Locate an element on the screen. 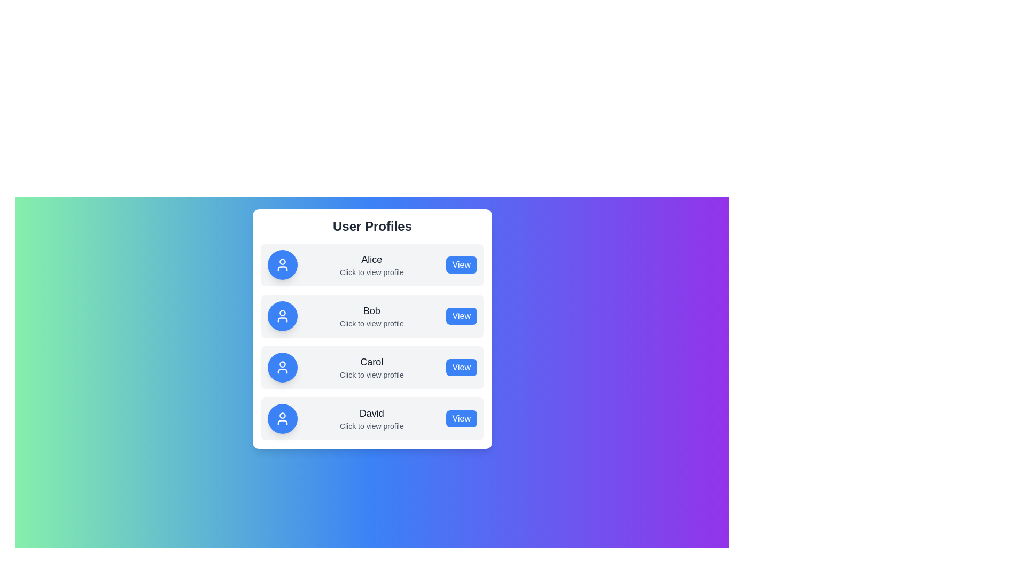 The height and width of the screenshot is (577, 1026). the text block containing the name 'Carol' and the text 'Click is located at coordinates (371, 367).